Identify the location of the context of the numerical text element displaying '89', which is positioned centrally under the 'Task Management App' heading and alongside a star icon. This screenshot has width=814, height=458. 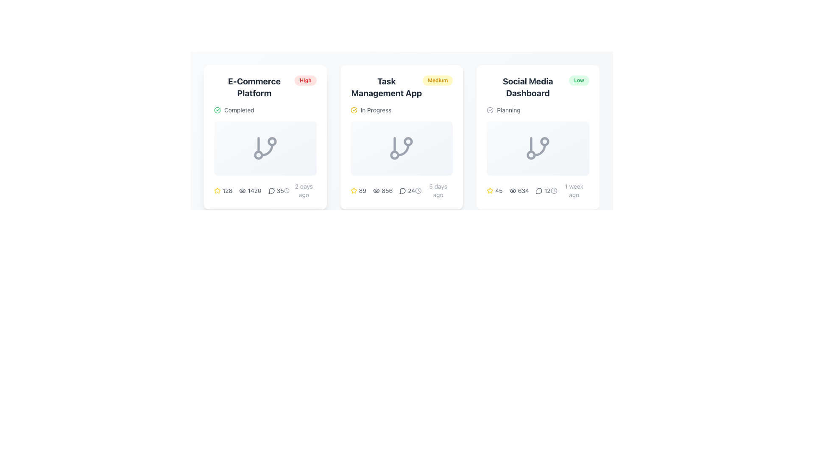
(362, 191).